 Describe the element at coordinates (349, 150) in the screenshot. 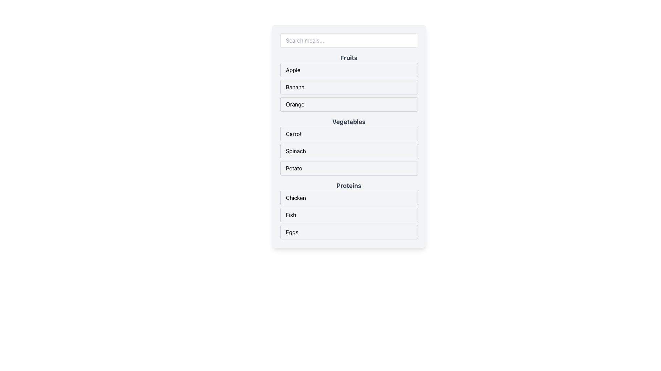

I see `the selectable list item representing 'Spinach' located in the middle column of the 'Vegetables' category, situated between 'Carrot' and 'Potato'` at that location.